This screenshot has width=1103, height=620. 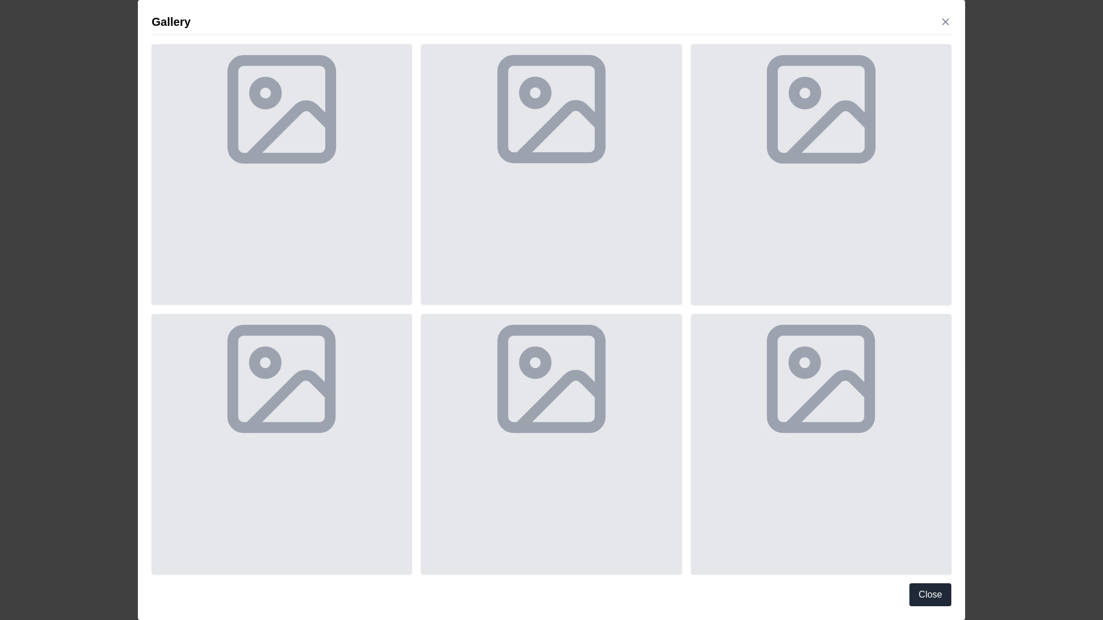 I want to click on the Decorative Component which is part of the framed picture icon located in the center of a grid layout, specifically the icon in the second row, second column, so click(x=551, y=378).